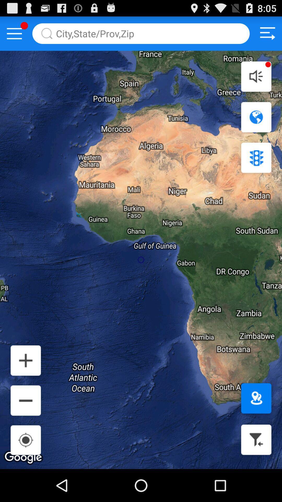  I want to click on the volume icon, so click(256, 82).